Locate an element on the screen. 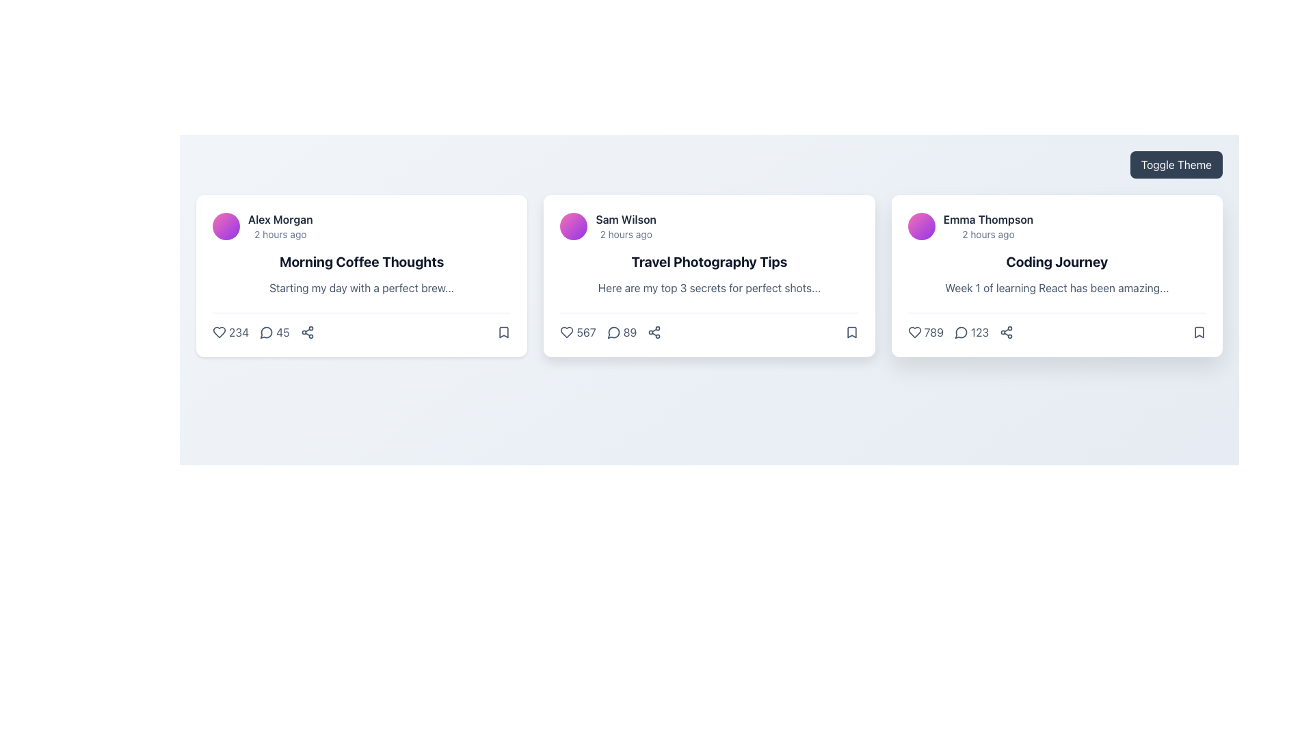  the text label displaying the number '89' which indicates the count of comments associated with the card titled 'Travel Photography Tips', located in the statistics row at the bottom of the card is located at coordinates (629, 333).